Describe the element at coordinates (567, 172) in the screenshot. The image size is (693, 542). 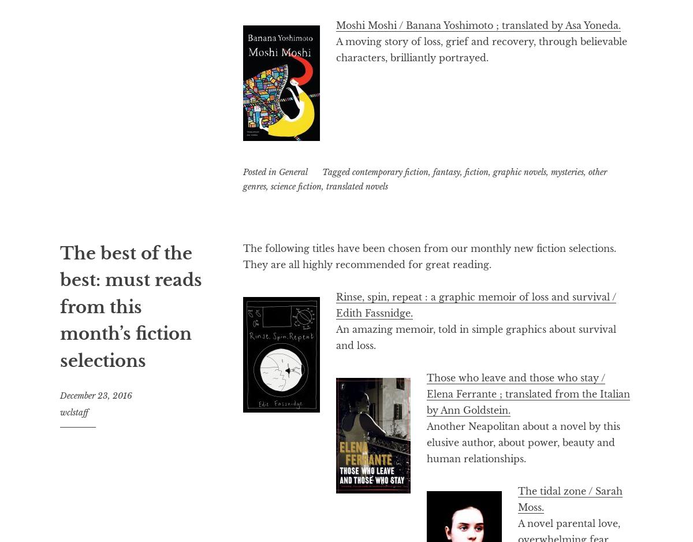
I see `'mysteries'` at that location.